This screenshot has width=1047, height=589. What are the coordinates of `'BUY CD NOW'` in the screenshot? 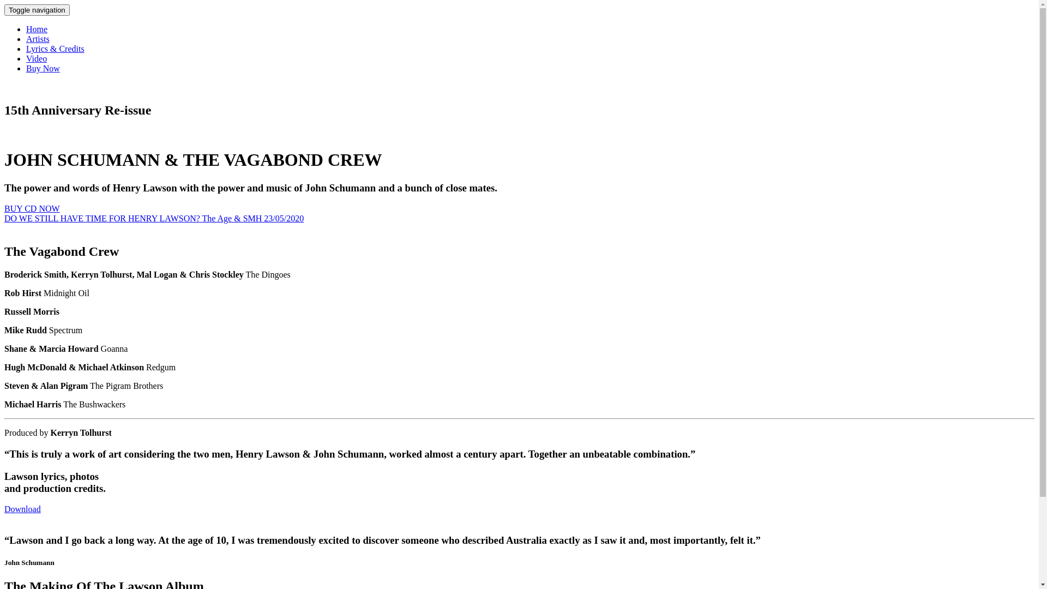 It's located at (4, 208).